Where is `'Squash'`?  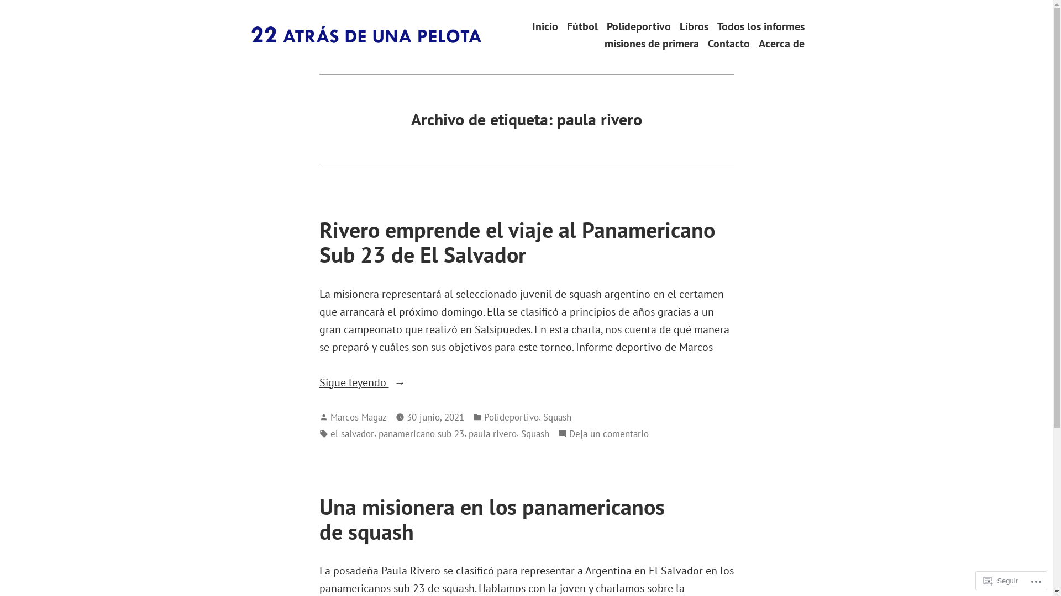 'Squash' is located at coordinates (543, 417).